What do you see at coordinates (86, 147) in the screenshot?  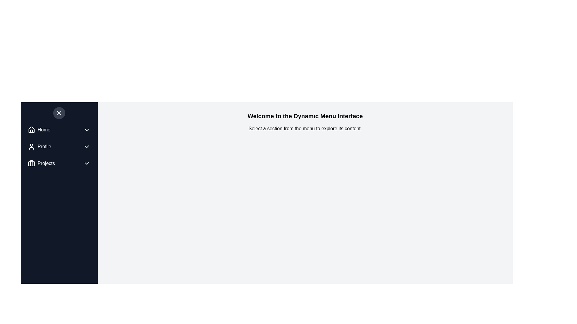 I see `the downward-facing chevron icon located to the right of the 'Profile' label in the vertical navigation bar` at bounding box center [86, 147].